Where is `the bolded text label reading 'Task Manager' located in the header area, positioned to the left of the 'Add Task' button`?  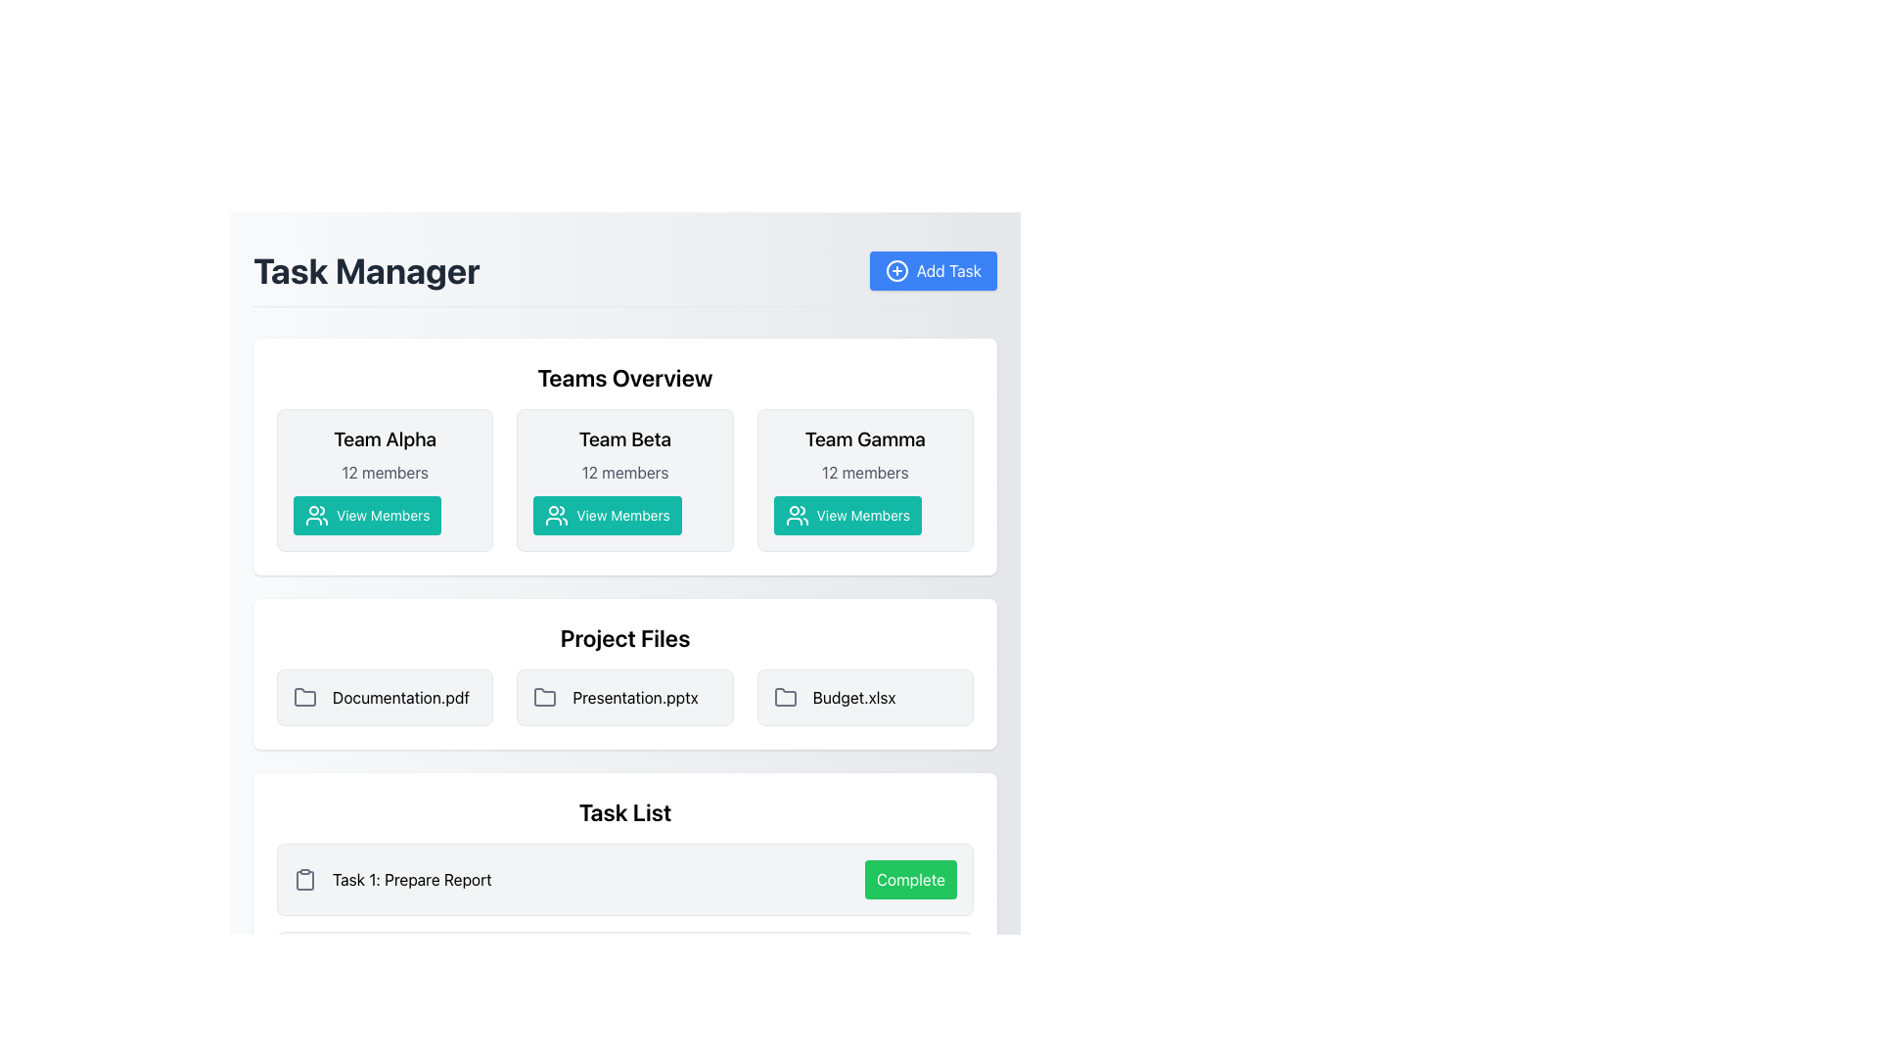 the bolded text label reading 'Task Manager' located in the header area, positioned to the left of the 'Add Task' button is located at coordinates (366, 271).